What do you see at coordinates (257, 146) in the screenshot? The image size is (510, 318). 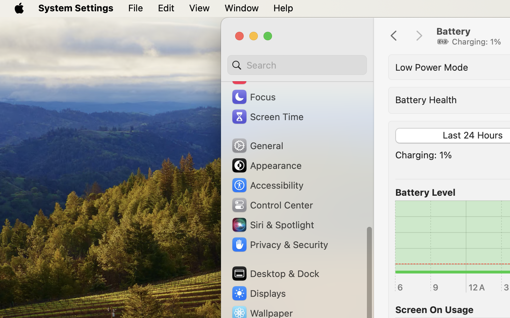 I see `'General'` at bounding box center [257, 146].